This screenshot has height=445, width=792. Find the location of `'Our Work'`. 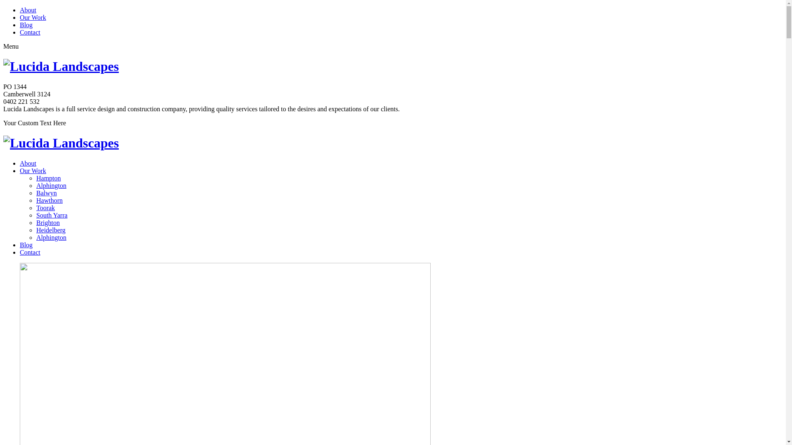

'Our Work' is located at coordinates (33, 170).